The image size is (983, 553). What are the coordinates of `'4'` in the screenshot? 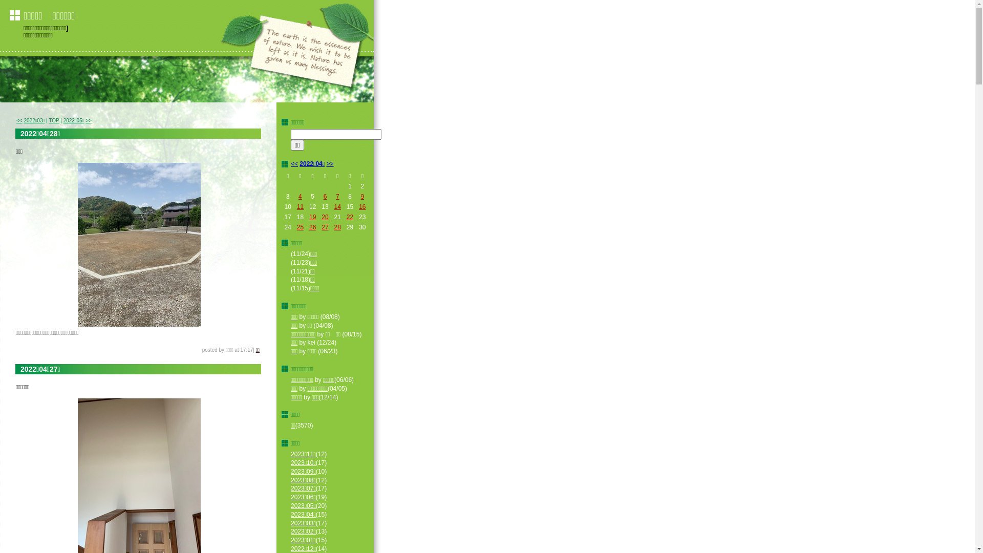 It's located at (297, 197).